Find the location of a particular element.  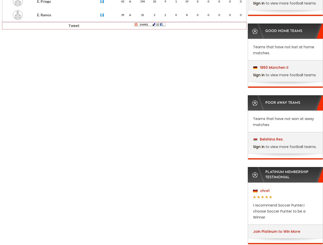

'E. Ramos' is located at coordinates (44, 15).